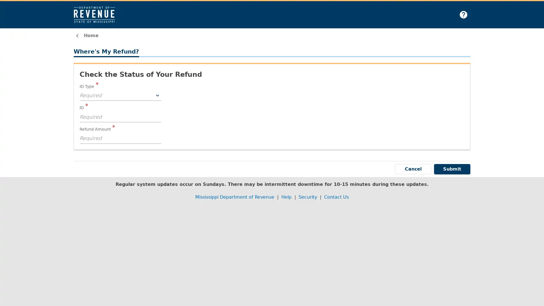  I want to click on Toggle Combobox, so click(158, 95).